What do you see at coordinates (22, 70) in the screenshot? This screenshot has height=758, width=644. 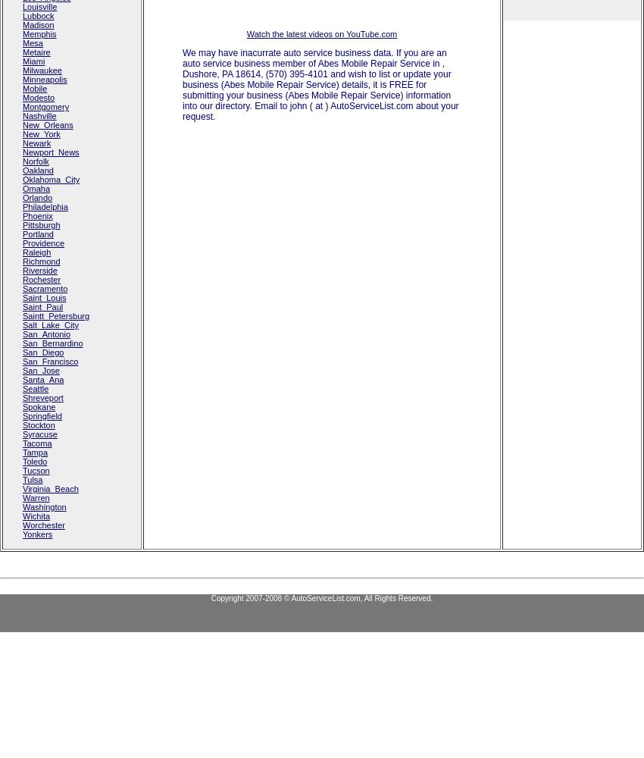 I see `'Milwaukee'` at bounding box center [22, 70].